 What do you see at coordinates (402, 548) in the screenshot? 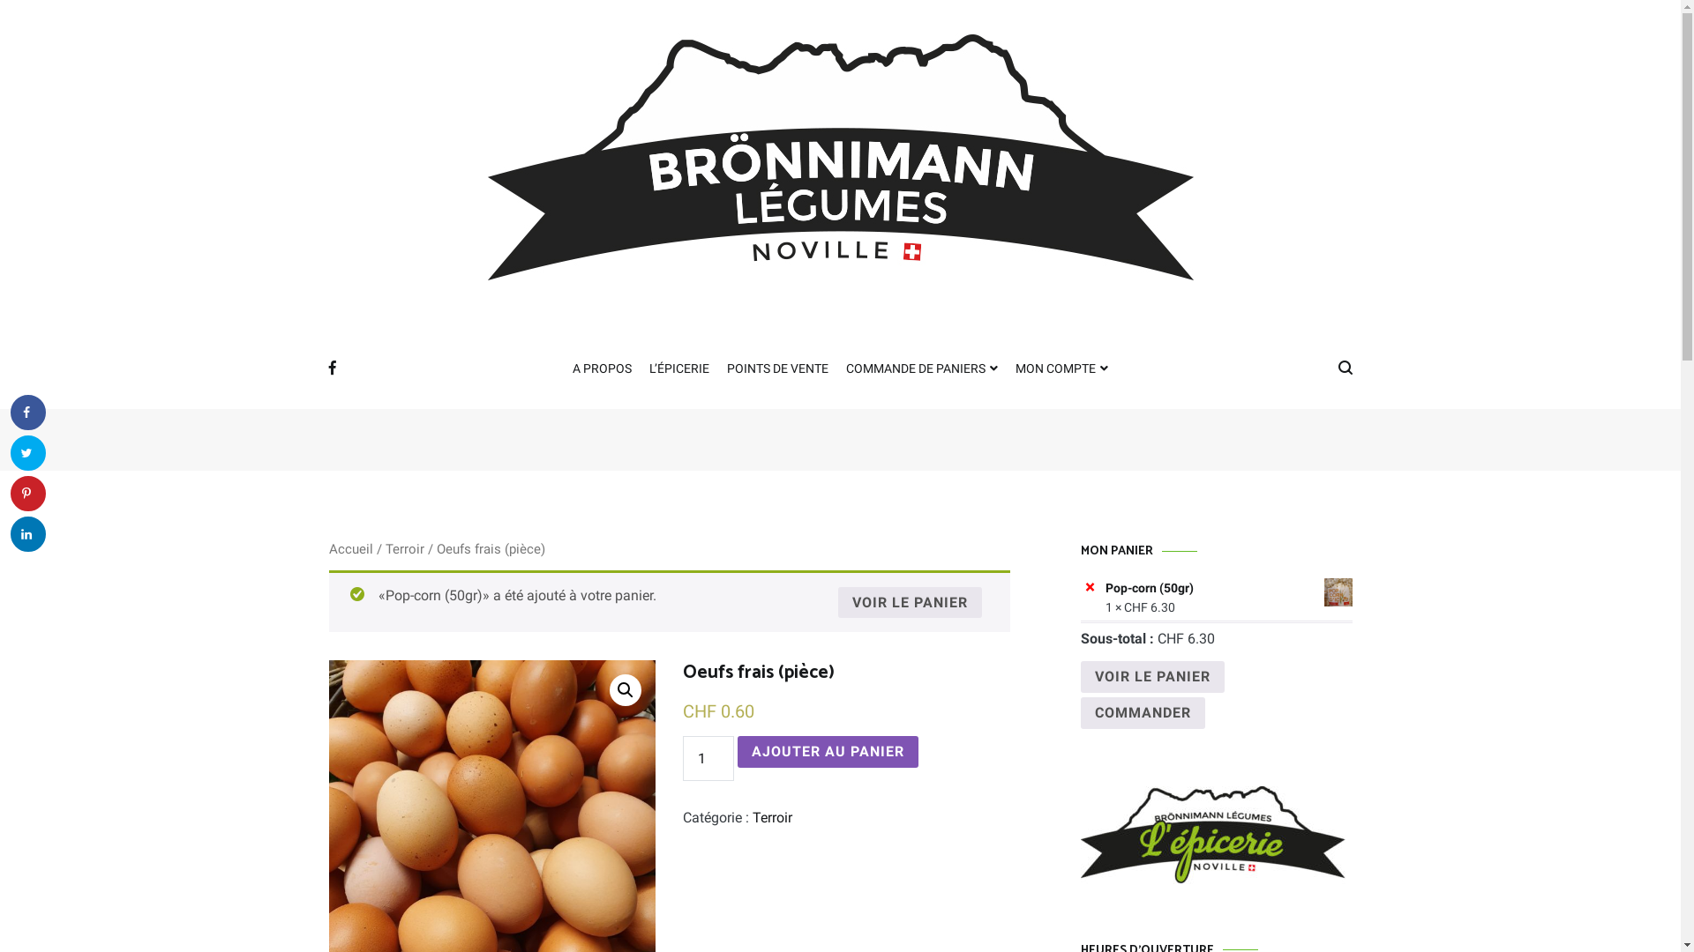
I see `'Terroir'` at bounding box center [402, 548].